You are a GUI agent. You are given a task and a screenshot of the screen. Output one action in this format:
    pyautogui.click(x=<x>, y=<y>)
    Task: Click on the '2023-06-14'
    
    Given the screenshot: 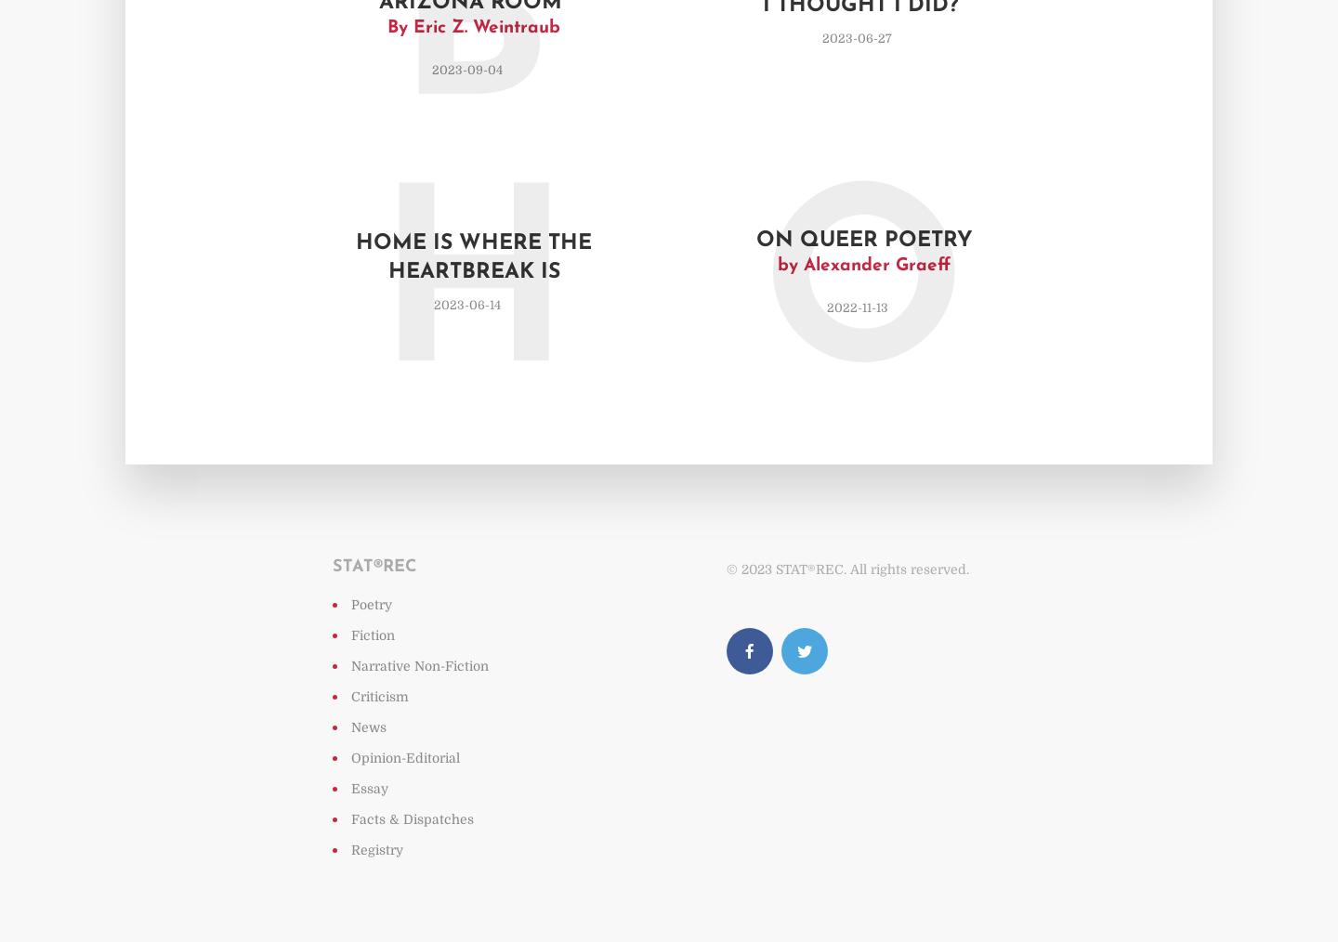 What is the action you would take?
    pyautogui.click(x=465, y=304)
    